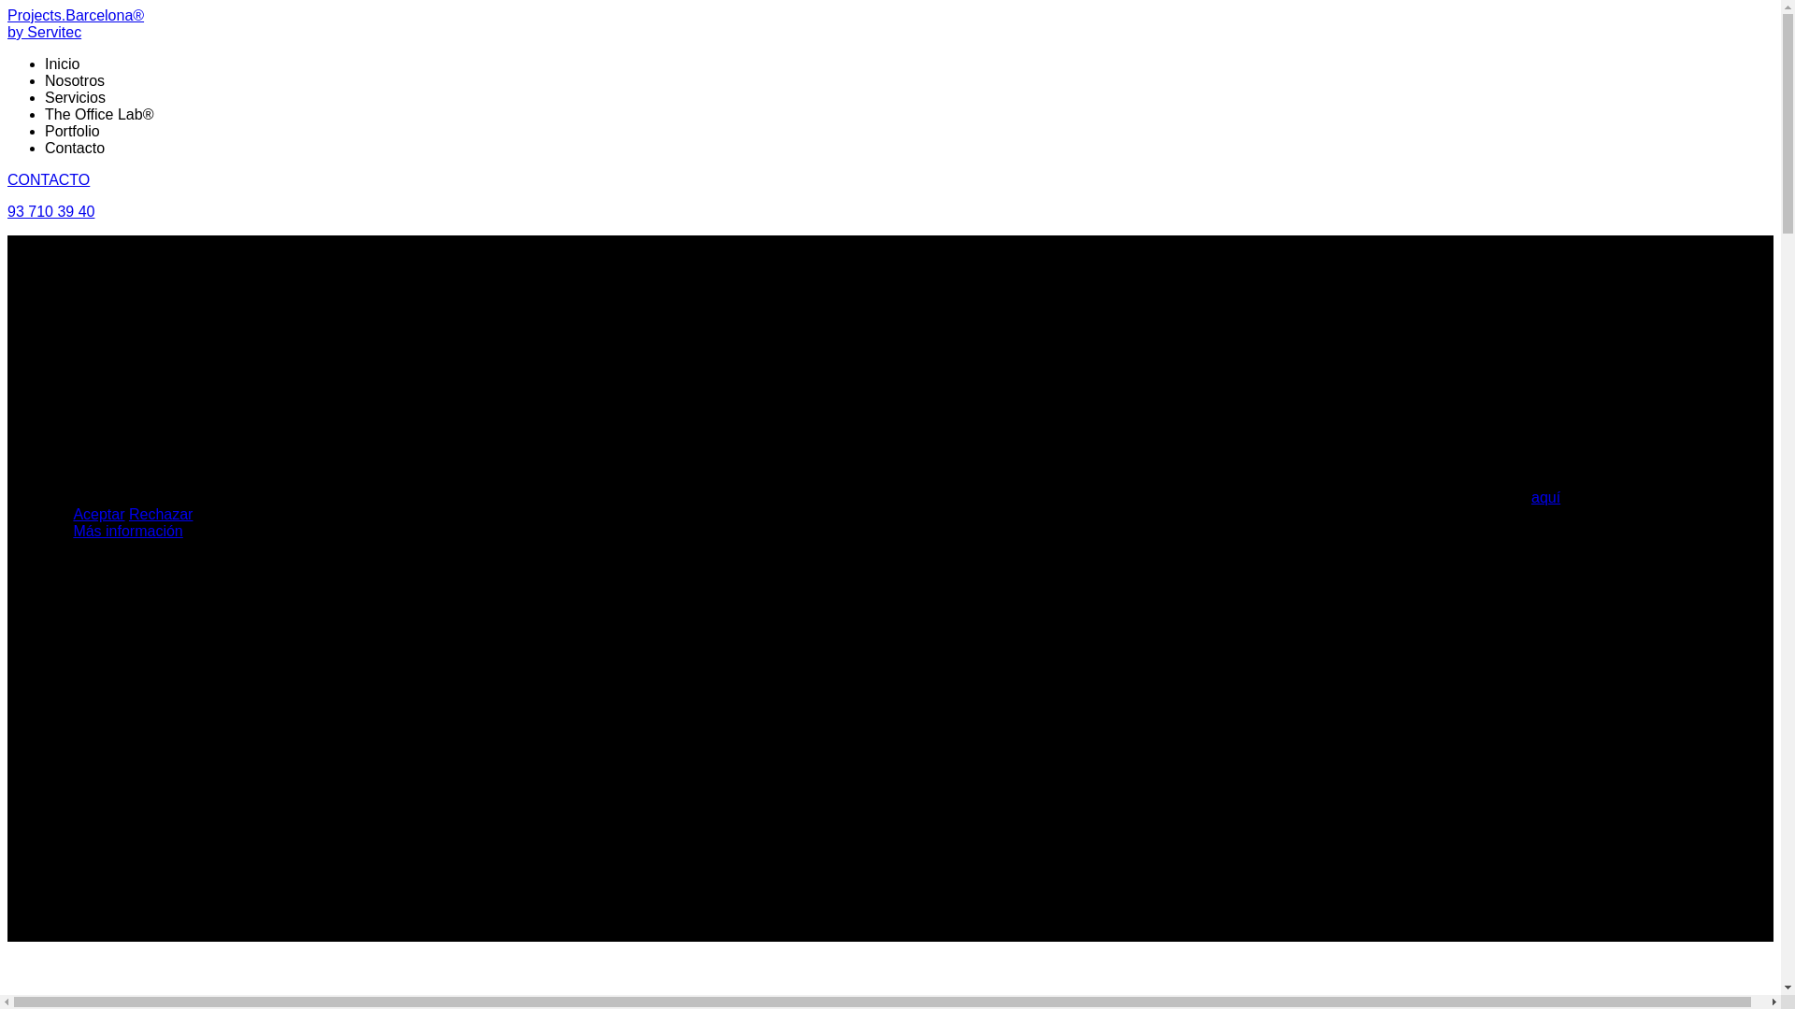 This screenshot has height=1009, width=1795. What do you see at coordinates (97, 514) in the screenshot?
I see `'Aceptar'` at bounding box center [97, 514].